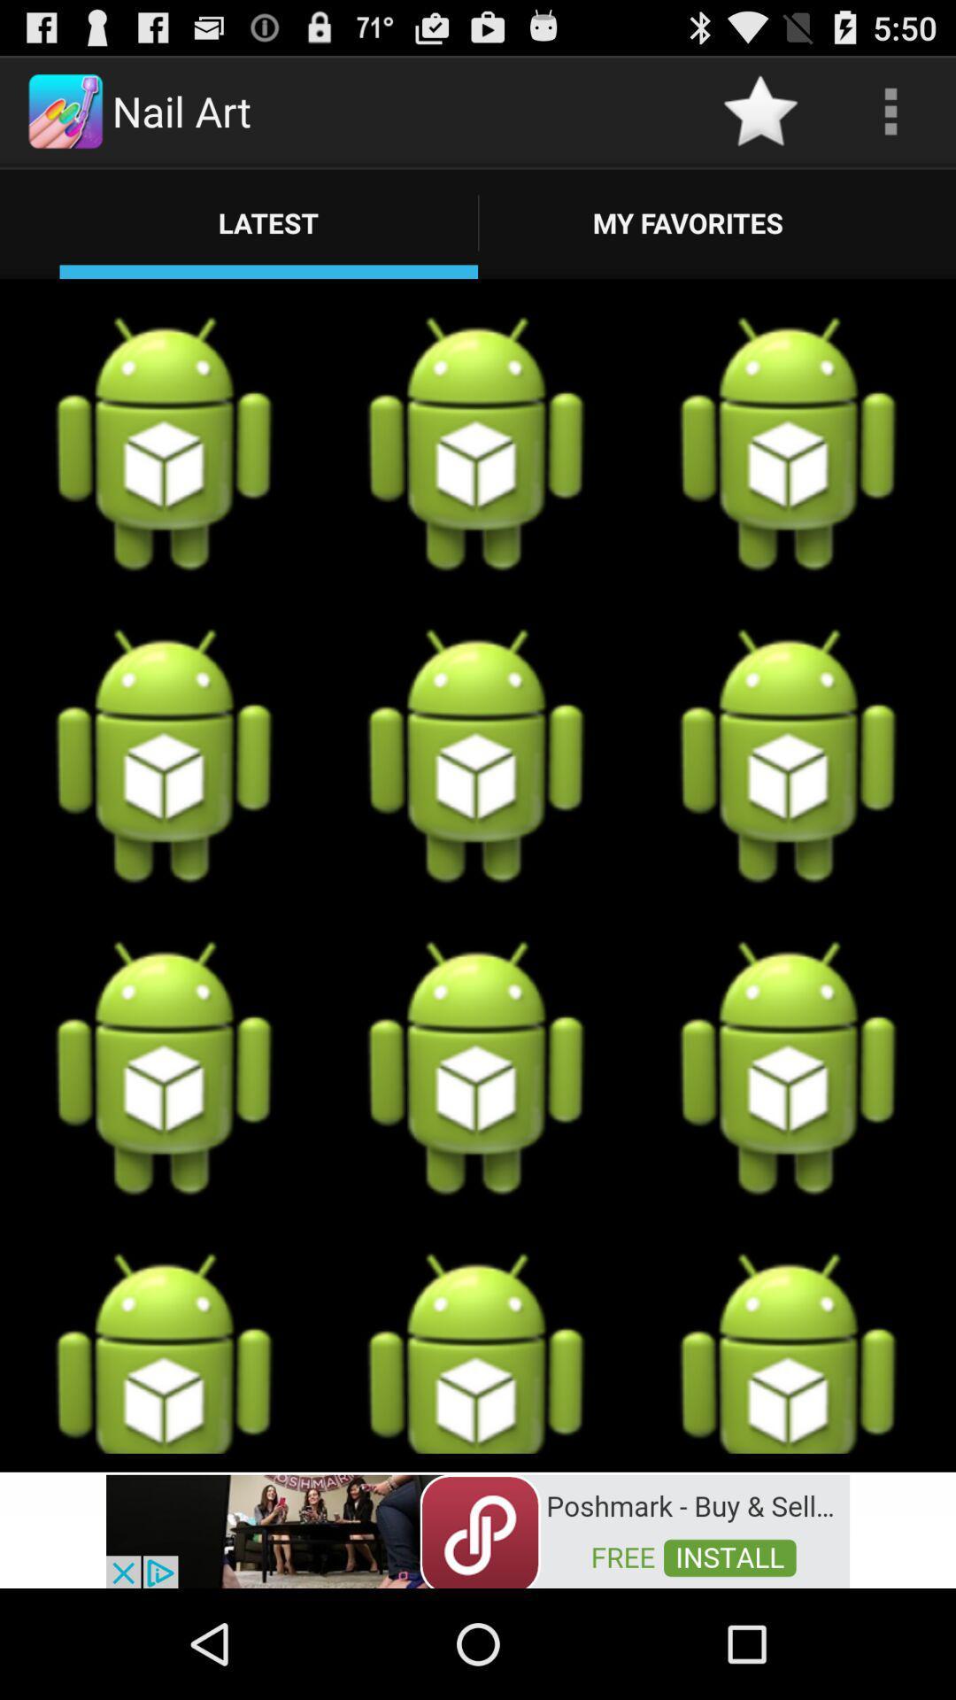  What do you see at coordinates (890, 110) in the screenshot?
I see `open options` at bounding box center [890, 110].